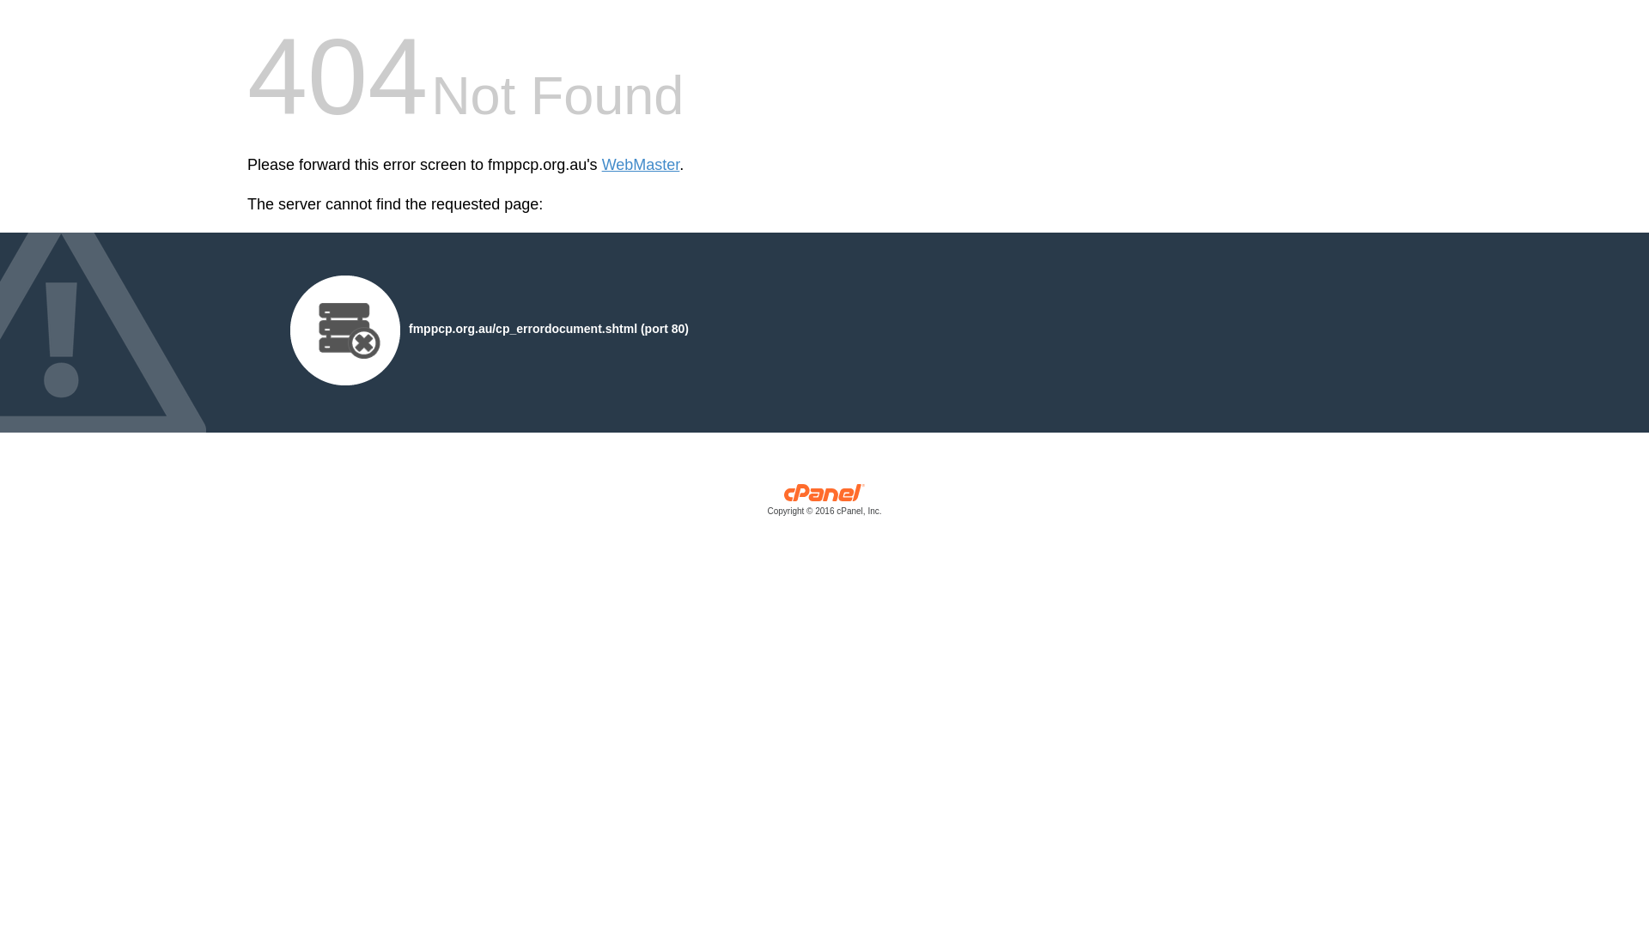 The width and height of the screenshot is (1649, 927). Describe the element at coordinates (640, 165) in the screenshot. I see `'WebMaster'` at that location.